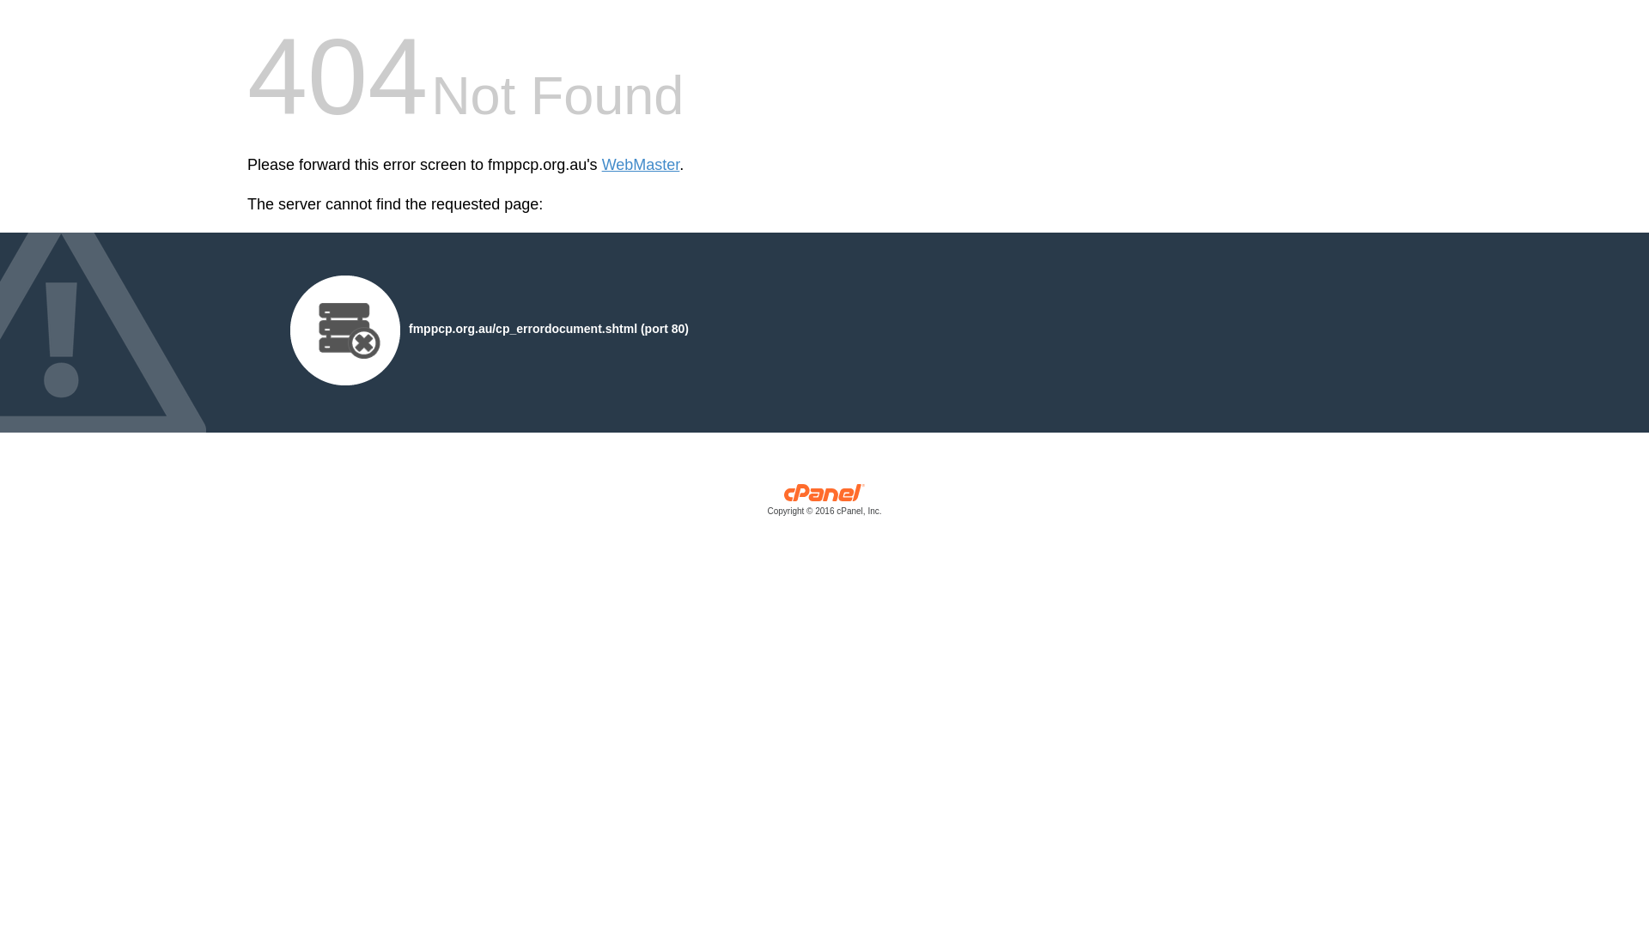 The width and height of the screenshot is (1649, 927). Describe the element at coordinates (640, 165) in the screenshot. I see `'WebMaster'` at that location.